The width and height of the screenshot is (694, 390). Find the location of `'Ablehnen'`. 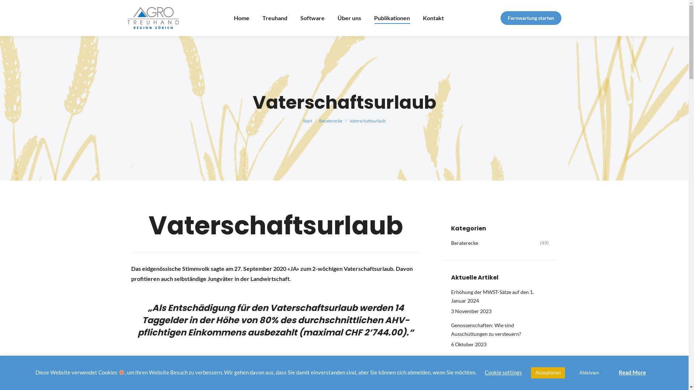

'Ablehnen' is located at coordinates (589, 373).